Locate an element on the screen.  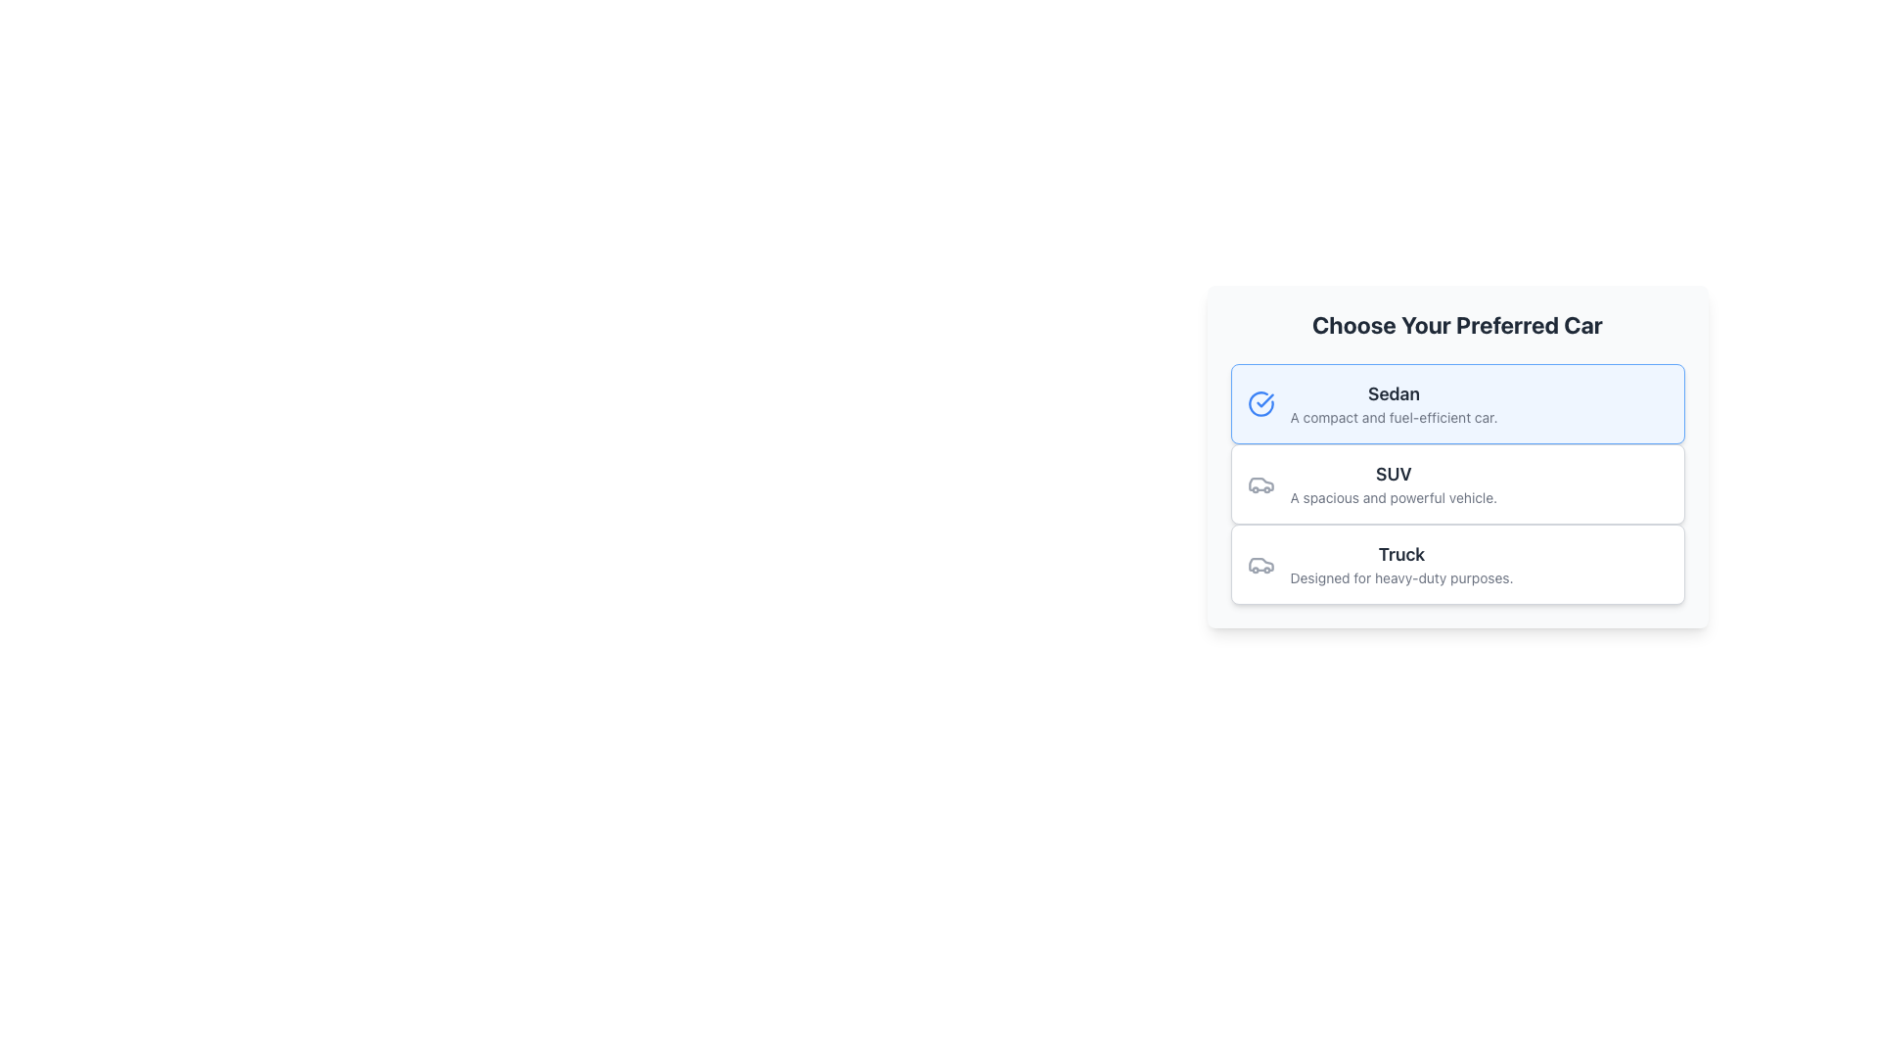
the text description component that displays the name 'Sedan' and the description 'A compact and fuel-efficient car.' in the first card of the car selection interface is located at coordinates (1393, 402).